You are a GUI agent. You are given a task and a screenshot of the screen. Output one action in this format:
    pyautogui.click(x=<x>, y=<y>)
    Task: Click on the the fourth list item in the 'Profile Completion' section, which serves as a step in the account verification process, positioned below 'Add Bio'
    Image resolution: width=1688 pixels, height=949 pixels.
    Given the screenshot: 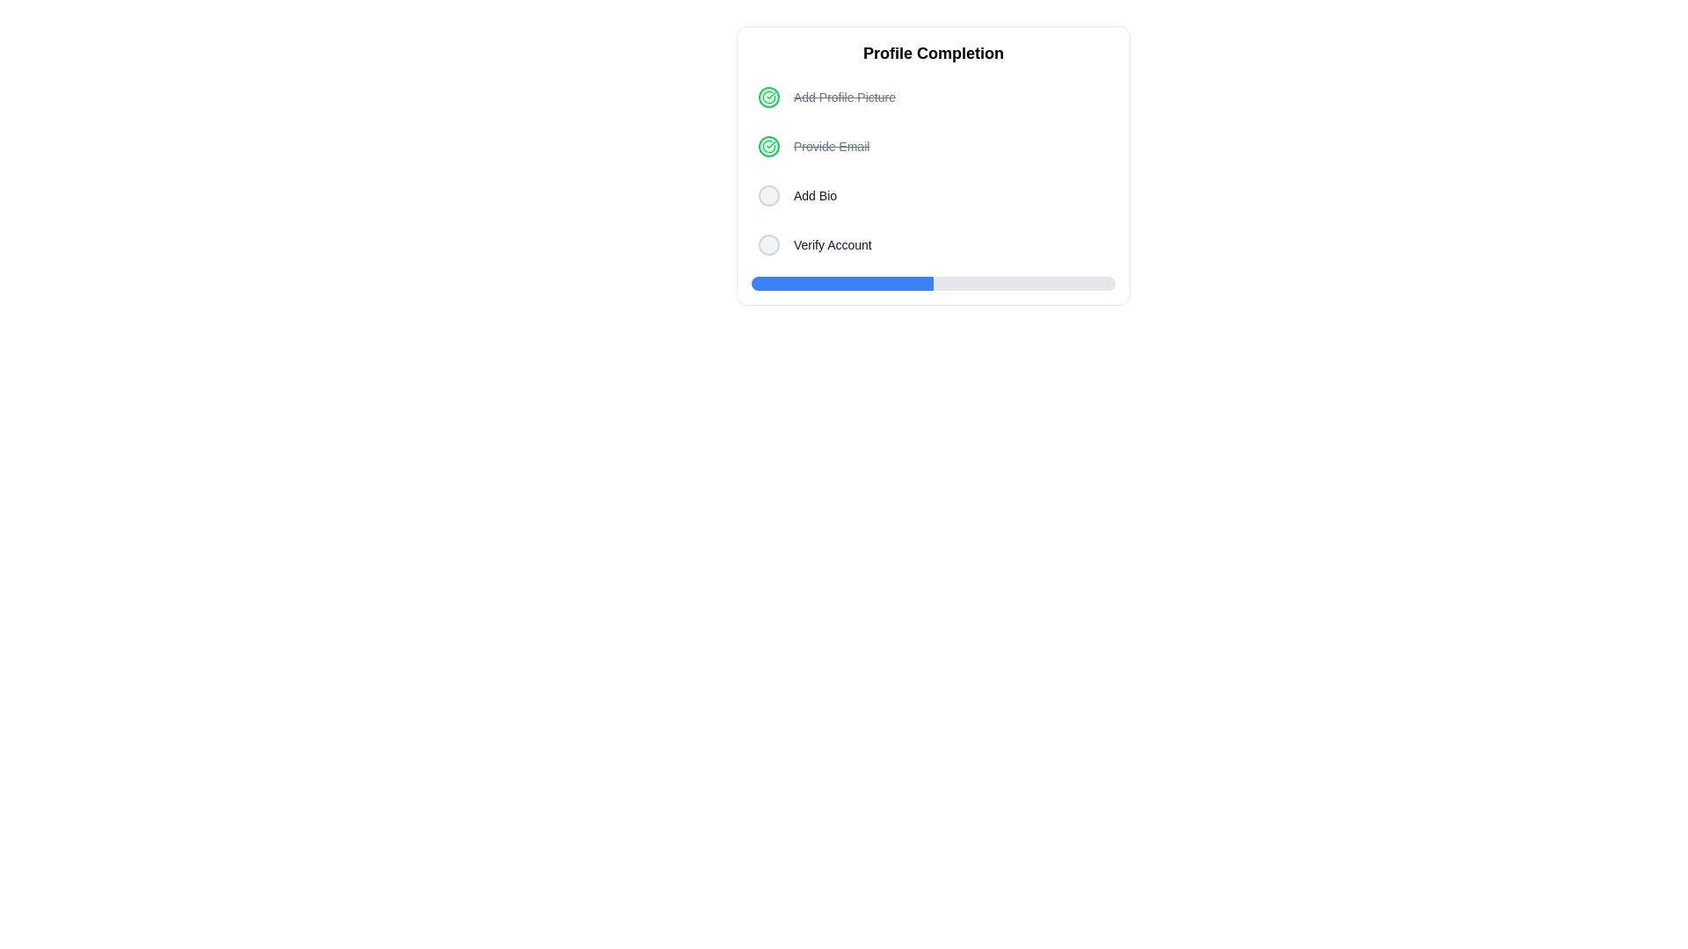 What is the action you would take?
    pyautogui.click(x=932, y=244)
    